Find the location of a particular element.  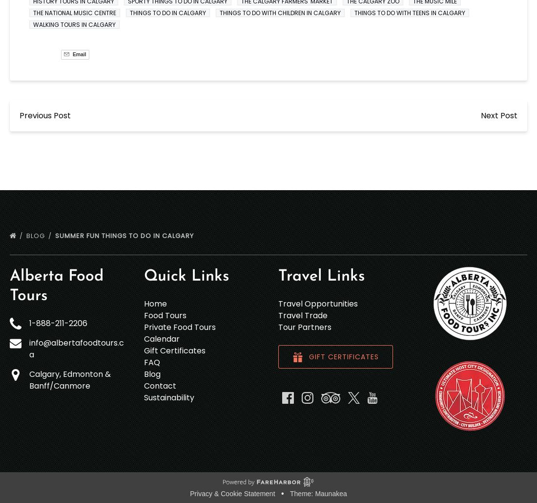

'Quick Links' is located at coordinates (186, 276).